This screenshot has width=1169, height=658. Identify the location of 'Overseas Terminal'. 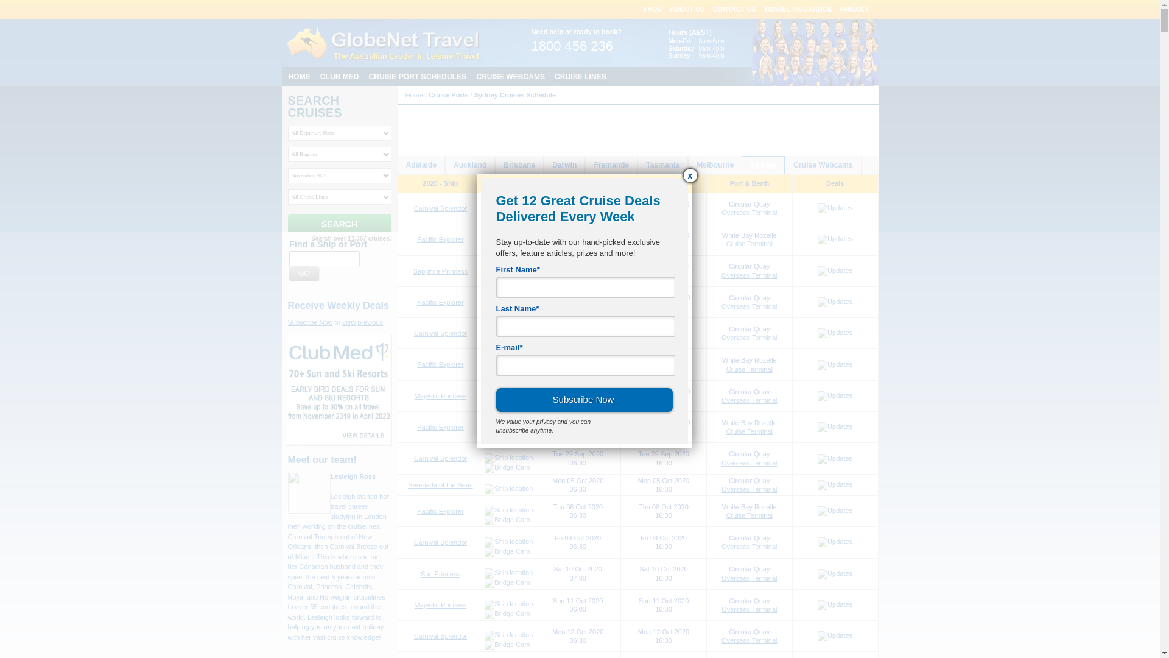
(748, 546).